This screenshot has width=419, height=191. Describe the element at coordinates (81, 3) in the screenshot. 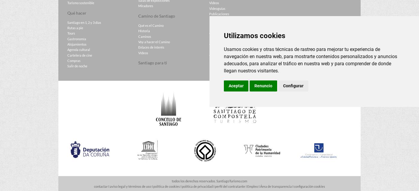

I see `'Turismo sostenible'` at that location.